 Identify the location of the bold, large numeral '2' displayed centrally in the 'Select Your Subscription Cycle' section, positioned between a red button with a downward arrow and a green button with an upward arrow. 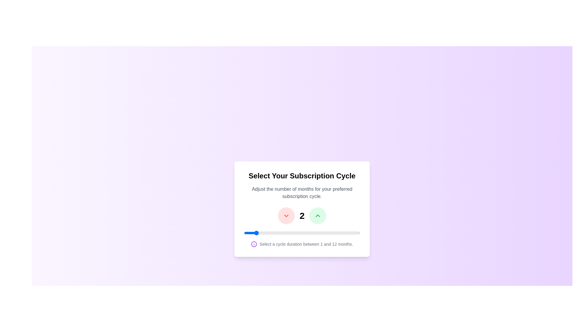
(302, 215).